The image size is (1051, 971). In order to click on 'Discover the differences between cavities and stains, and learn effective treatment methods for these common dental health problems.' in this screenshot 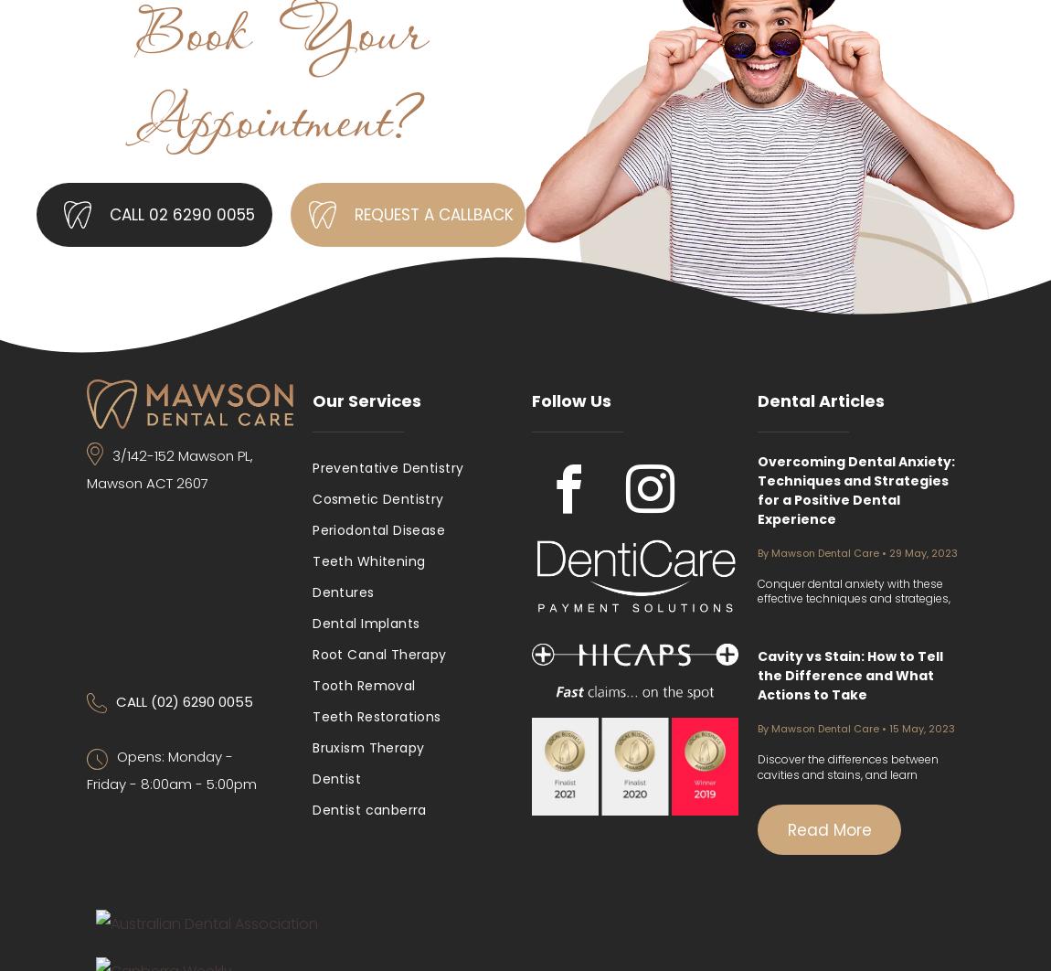, I will do `click(860, 781)`.